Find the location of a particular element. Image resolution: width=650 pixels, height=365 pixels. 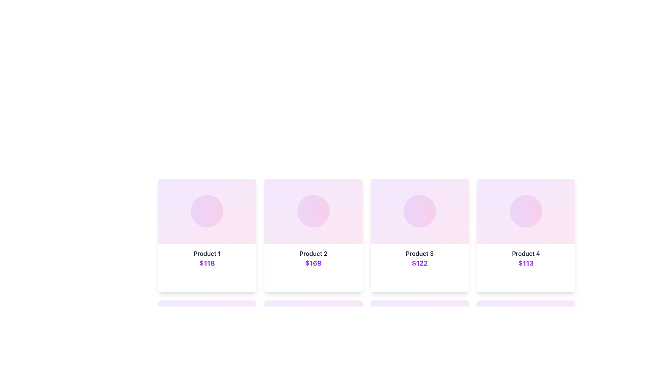

the 'Product 4' card, which is a white rectangular card with a circular gradient decoration at the top is located at coordinates (526, 235).